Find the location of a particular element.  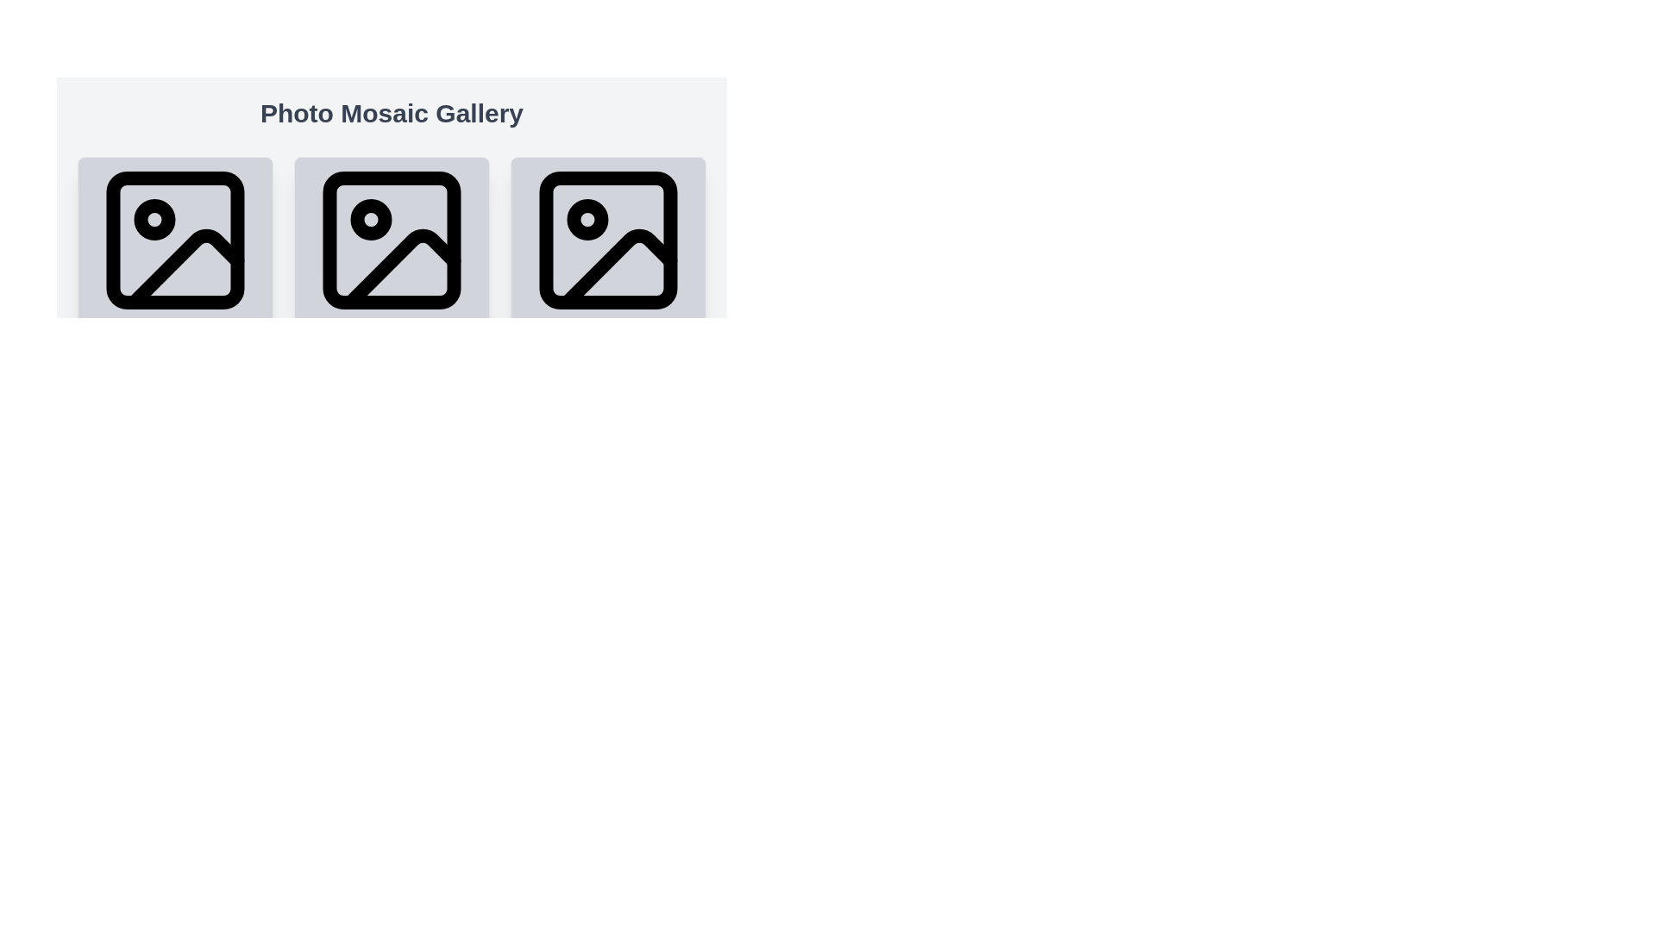

the design details of the decorative mountain icon located in the center of a row of three similar icons in a photo gallery interface is located at coordinates (401, 269).